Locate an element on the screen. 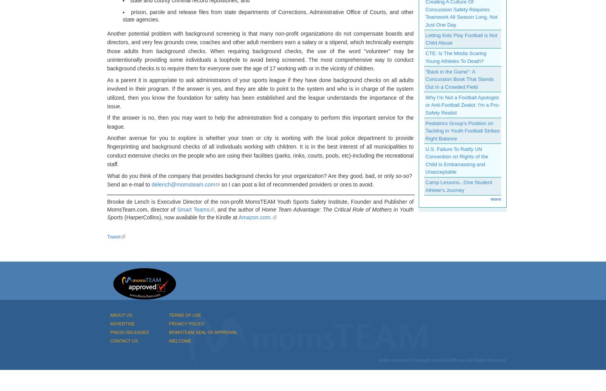  'Camp Lessons...One Student Athlete's Journey' is located at coordinates (459, 186).